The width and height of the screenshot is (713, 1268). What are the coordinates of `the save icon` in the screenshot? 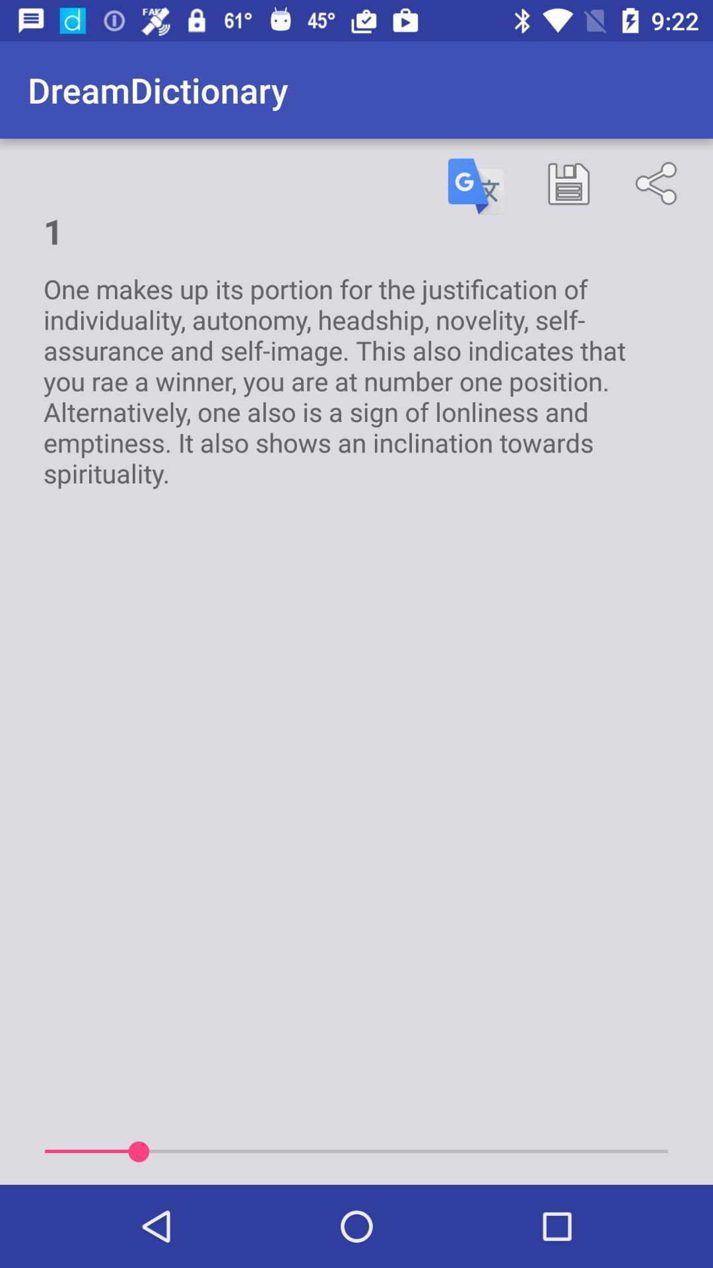 It's located at (568, 183).